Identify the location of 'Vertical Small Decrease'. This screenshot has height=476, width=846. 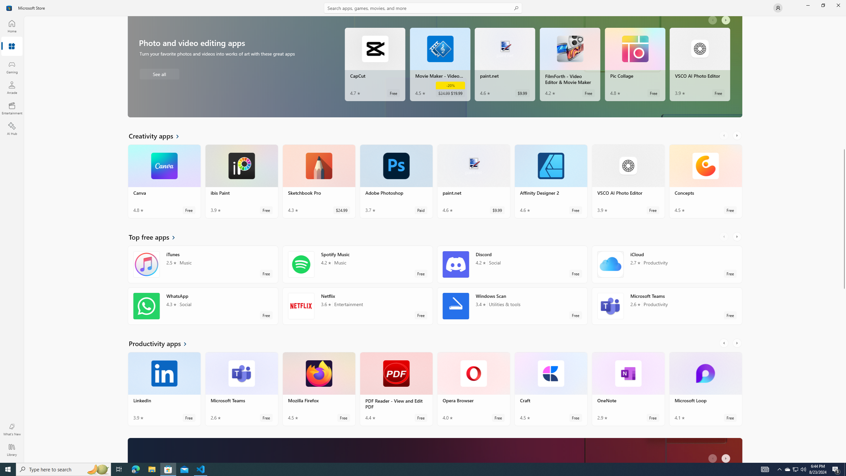
(843, 18).